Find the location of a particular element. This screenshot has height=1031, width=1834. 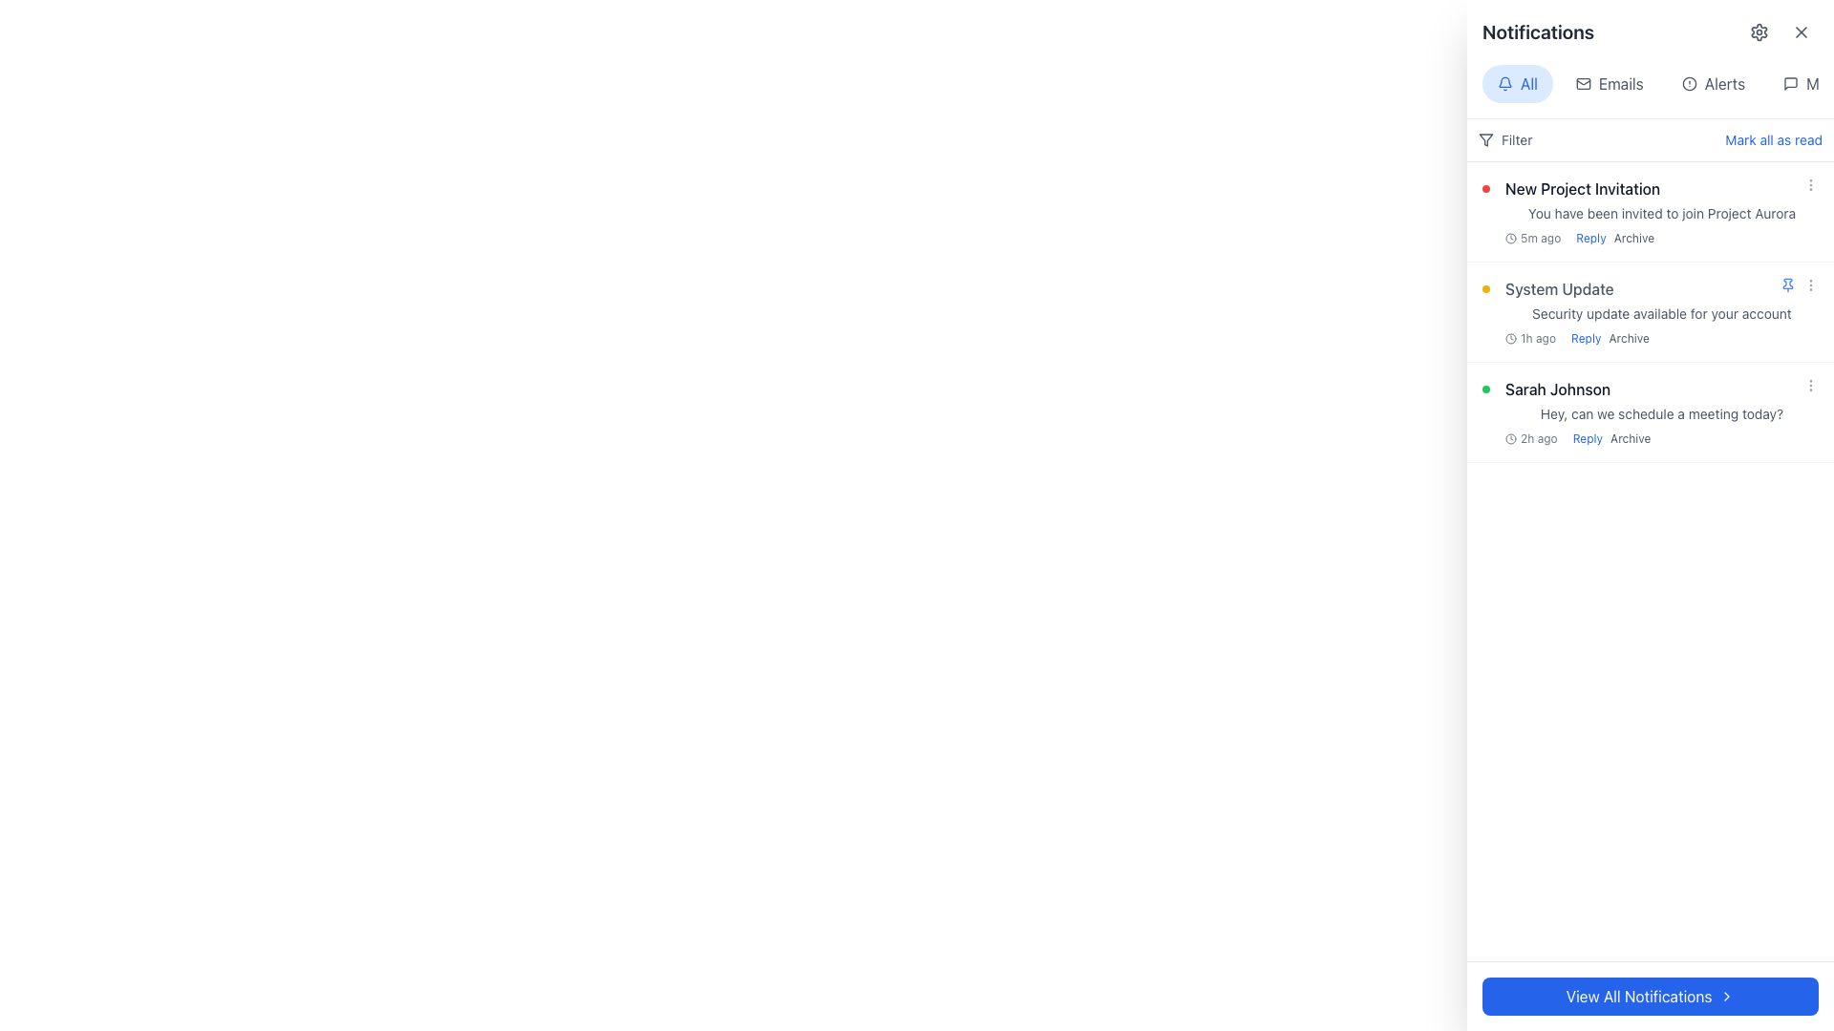

the Button with small gray text that changes to darker gray when hovered over, positioned next to the 'Reply' button in the notification for 'System Update' is located at coordinates (1628, 337).